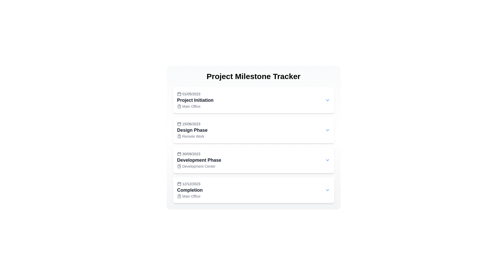 The image size is (496, 279). What do you see at coordinates (179, 184) in the screenshot?
I see `the graphical rectangle that represents the calendar icon for the date '12/12/2023'` at bounding box center [179, 184].